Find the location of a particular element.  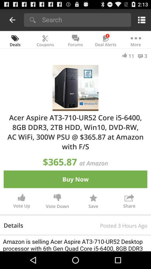

search box is located at coordinates (84, 19).